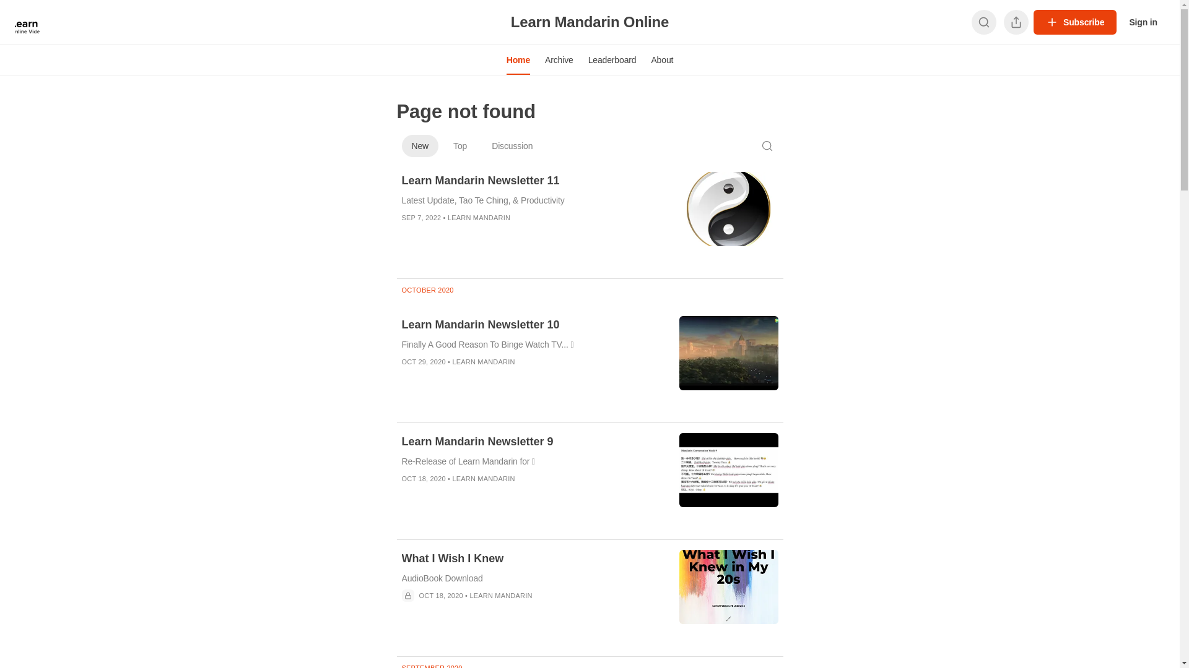 Image resolution: width=1189 pixels, height=668 pixels. What do you see at coordinates (1121, 22) in the screenshot?
I see `'Sign in'` at bounding box center [1121, 22].